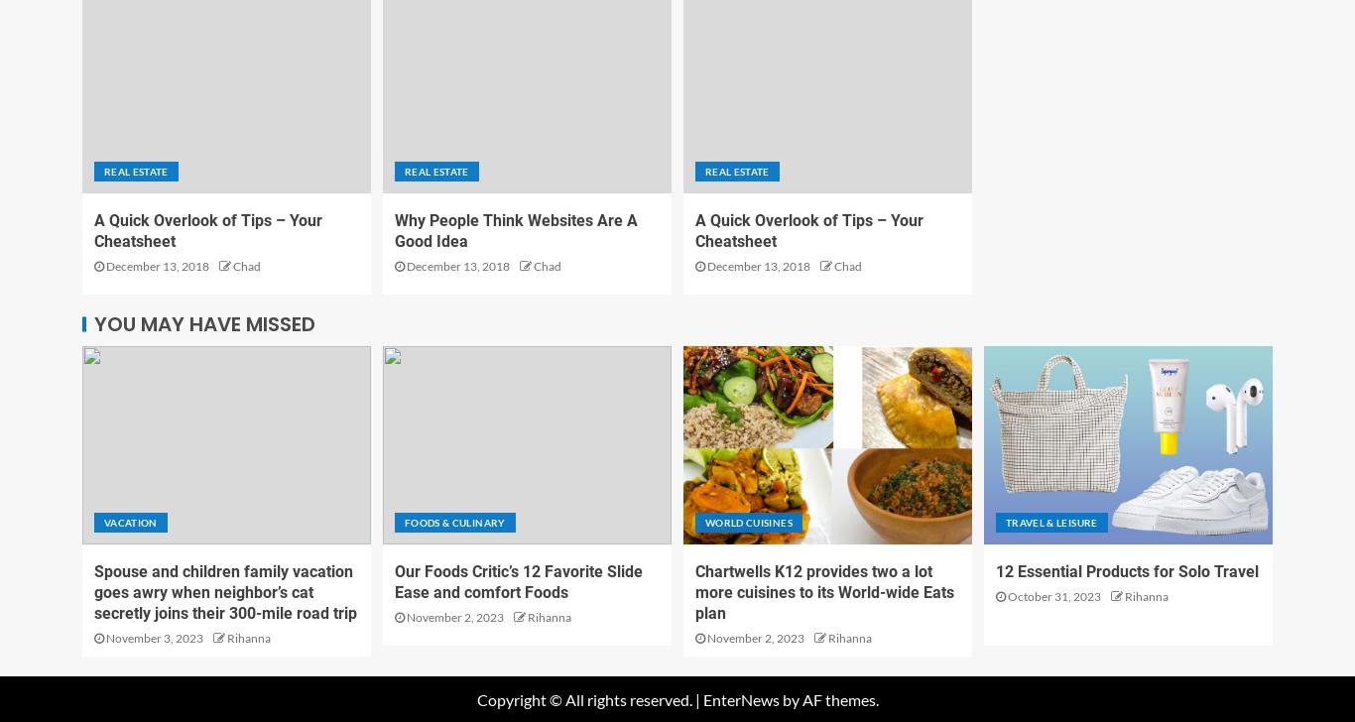 This screenshot has height=722, width=1355. Describe the element at coordinates (519, 580) in the screenshot. I see `'Our Foods Critic’s 12 Favorite Slide Ease and comfort Foods'` at that location.